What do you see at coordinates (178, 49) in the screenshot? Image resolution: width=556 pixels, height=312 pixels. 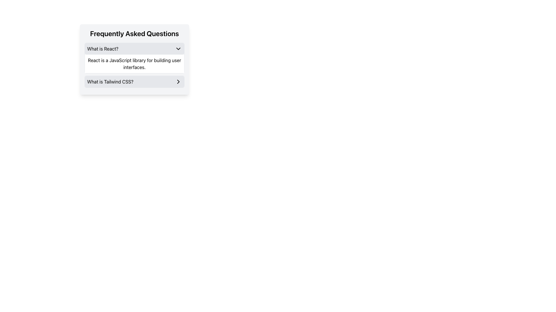 I see `the downward-facing chevron icon on the right side of the 'What is React?' row` at bounding box center [178, 49].